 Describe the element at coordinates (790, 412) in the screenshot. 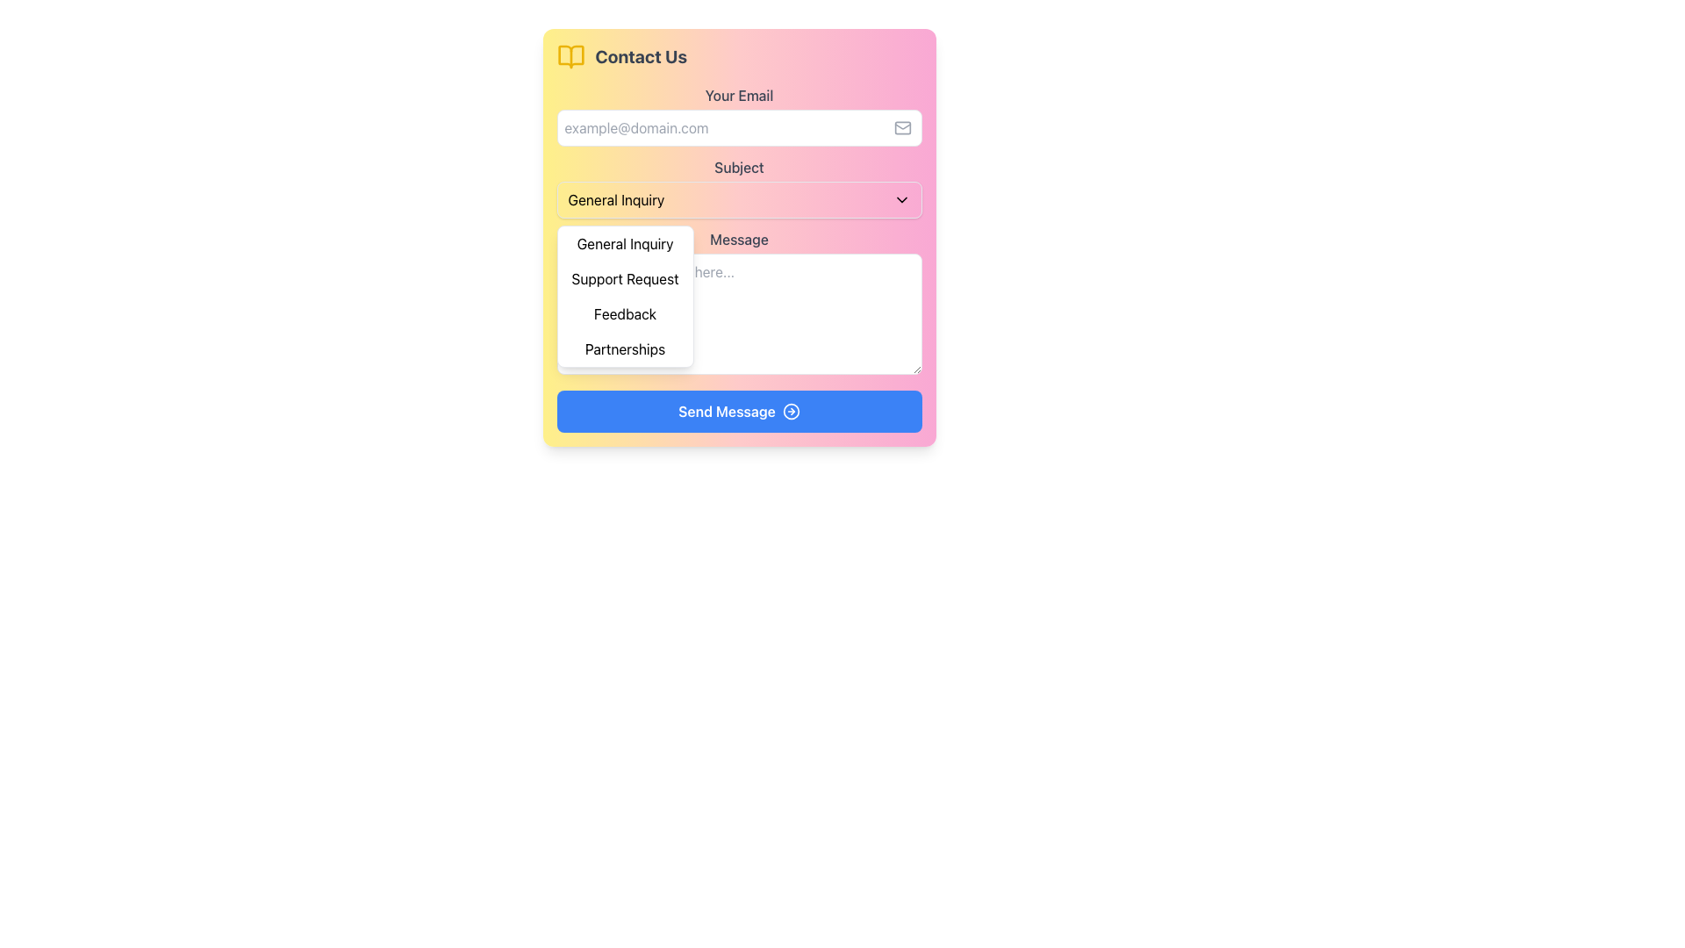

I see `the circular icon with a right-pointing arrow inside, located on the far-right side of the 'Send Message' button in the lower section of the contact form` at that location.